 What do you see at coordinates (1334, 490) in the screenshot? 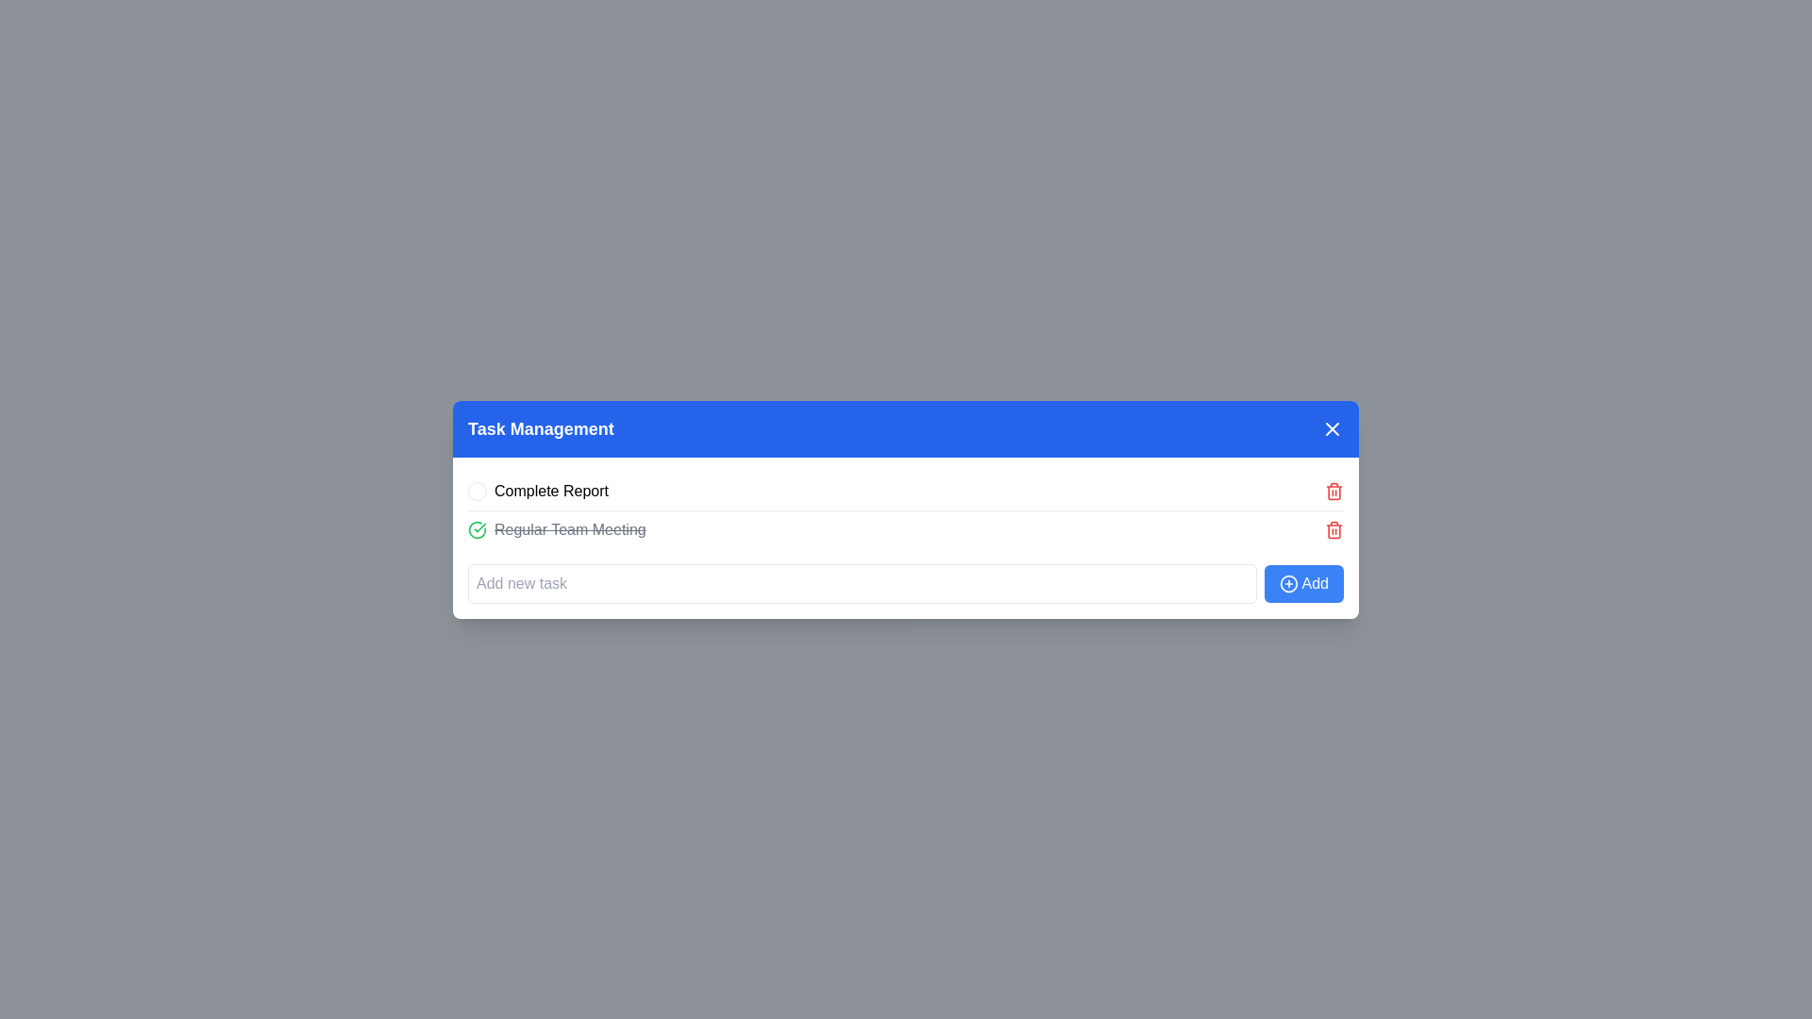
I see `the delete button located at the far right of the row labeled 'Complete Report'` at bounding box center [1334, 490].